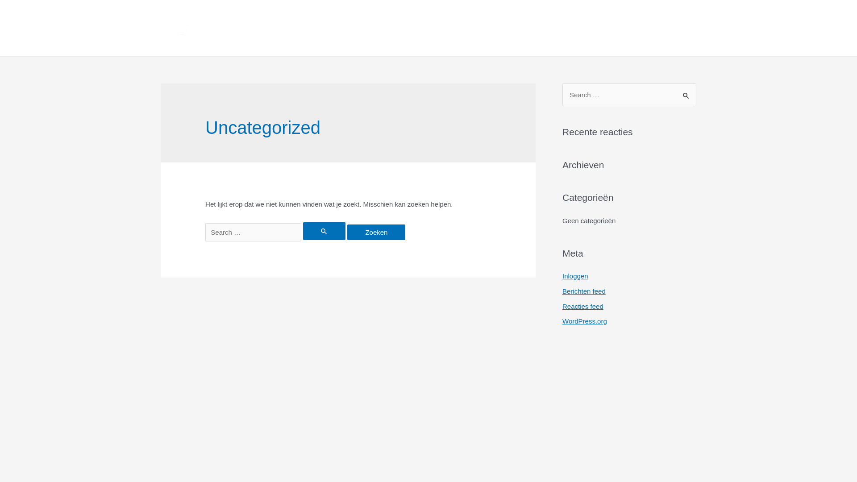 The height and width of the screenshot is (482, 857). I want to click on 'Inloggen', so click(575, 275).